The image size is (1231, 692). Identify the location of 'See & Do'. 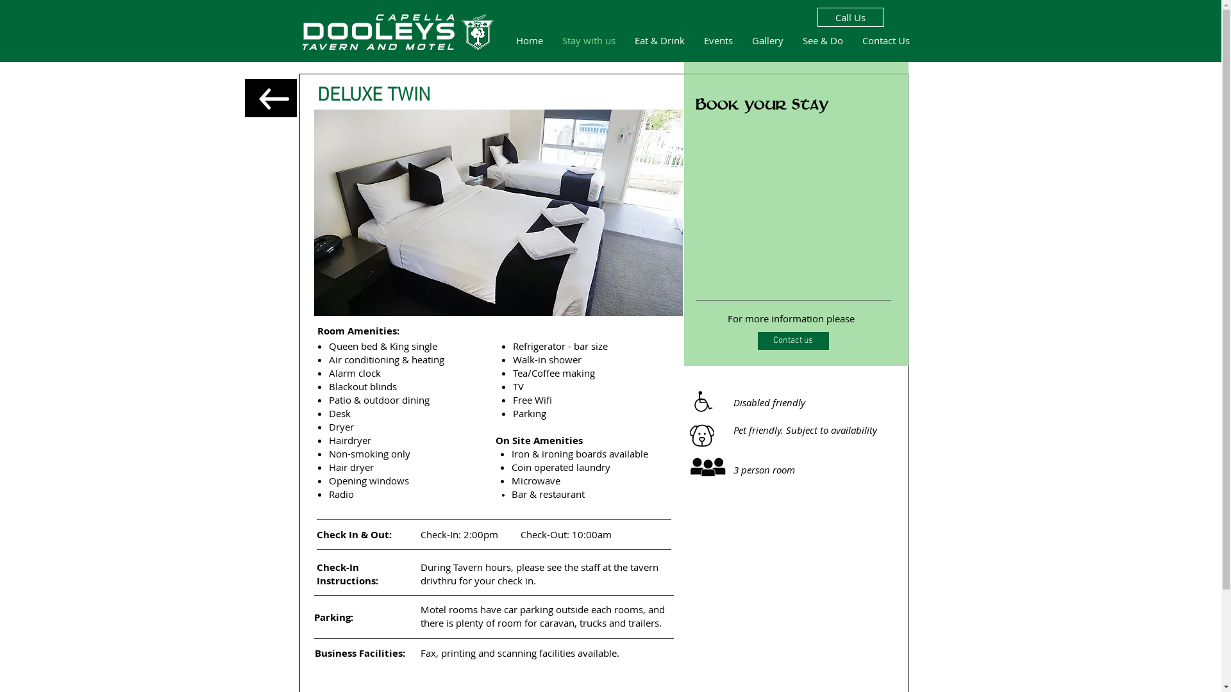
(792, 39).